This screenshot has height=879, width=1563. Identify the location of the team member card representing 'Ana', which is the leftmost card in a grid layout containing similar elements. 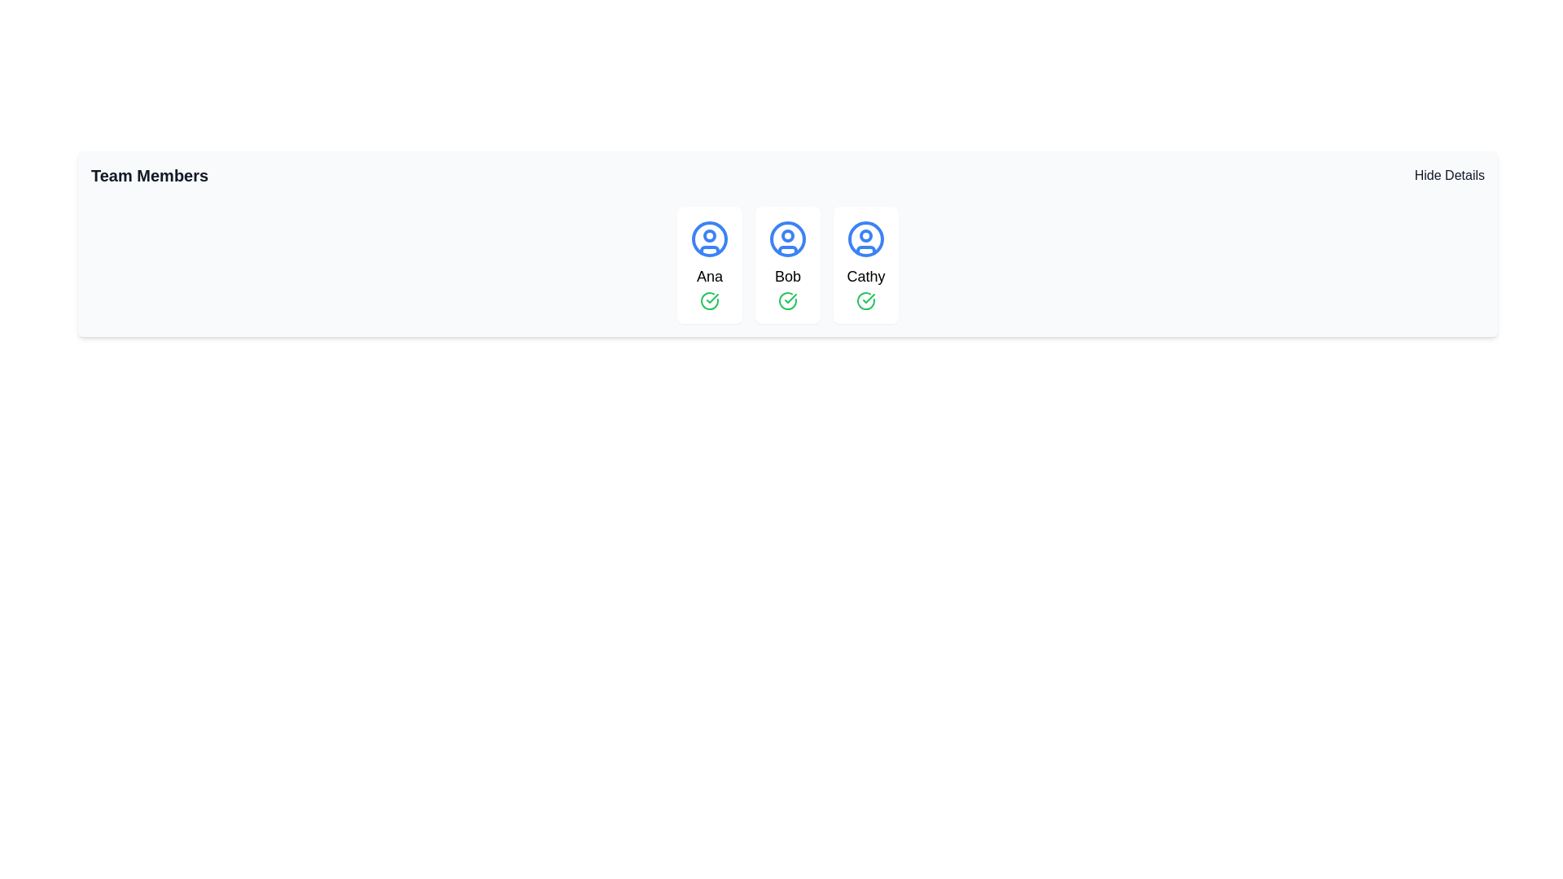
(710, 265).